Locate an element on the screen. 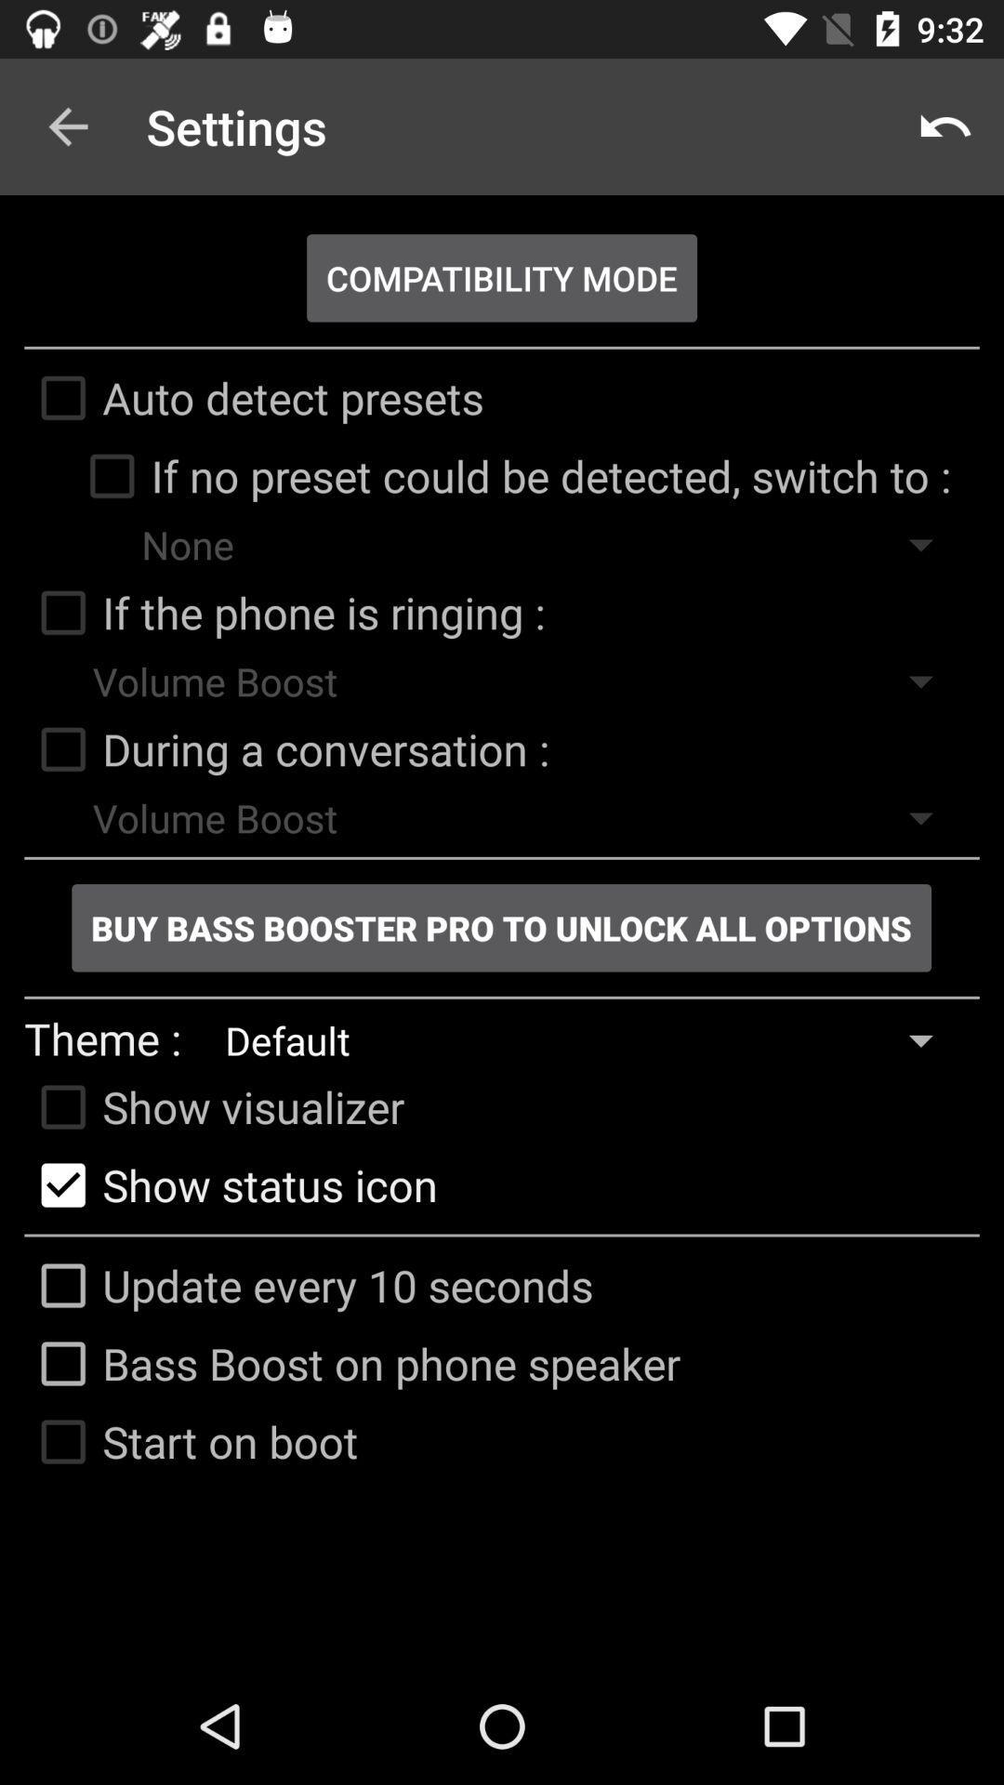 The image size is (1004, 1785). the if no preset is located at coordinates (511, 476).